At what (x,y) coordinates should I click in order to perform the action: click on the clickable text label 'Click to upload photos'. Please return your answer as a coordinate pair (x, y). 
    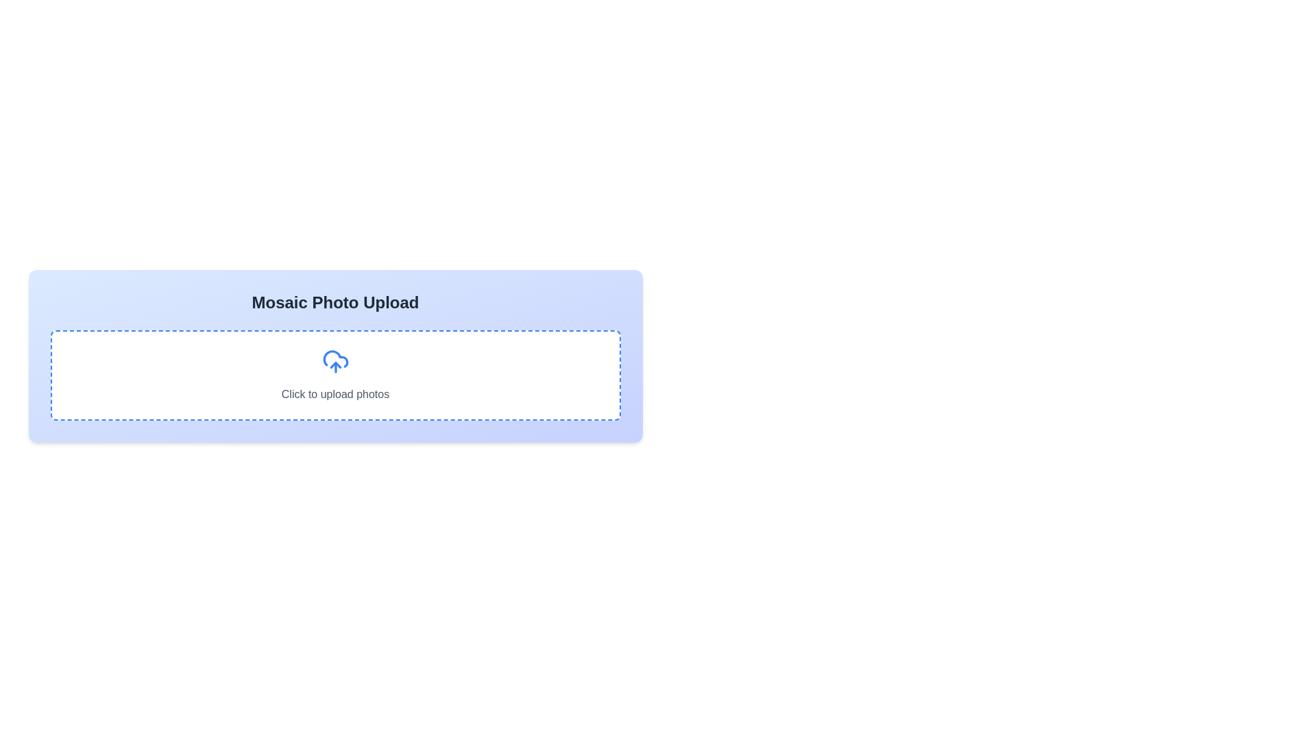
    Looking at the image, I should click on (335, 375).